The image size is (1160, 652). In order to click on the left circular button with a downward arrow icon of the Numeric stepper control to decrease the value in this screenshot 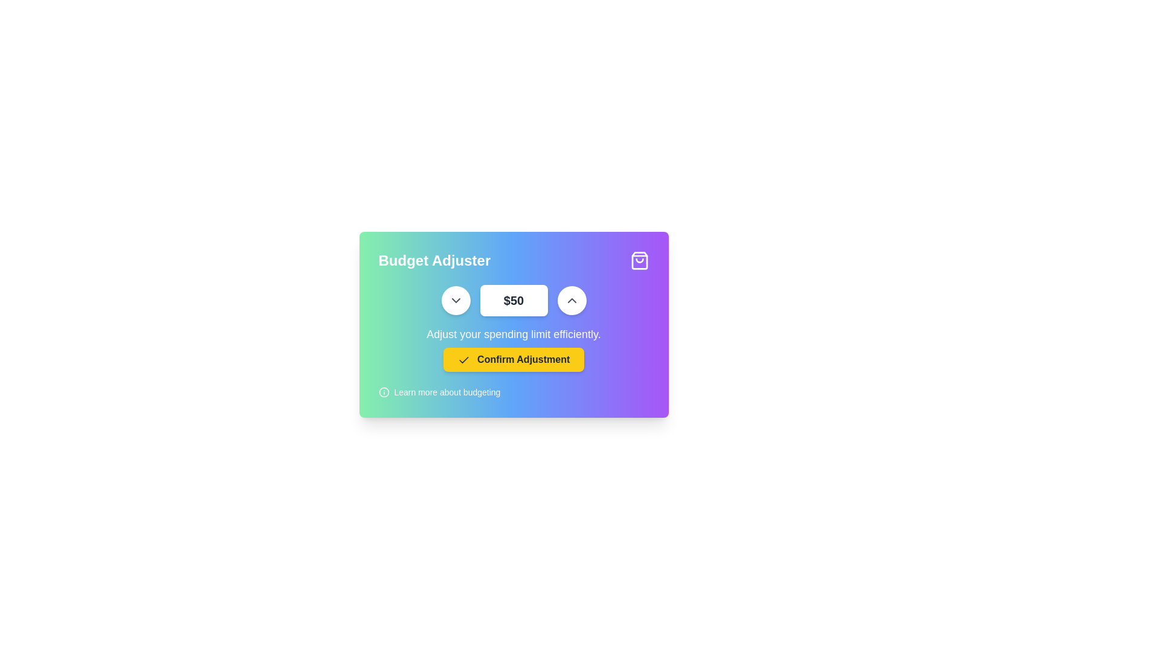, I will do `click(514, 299)`.